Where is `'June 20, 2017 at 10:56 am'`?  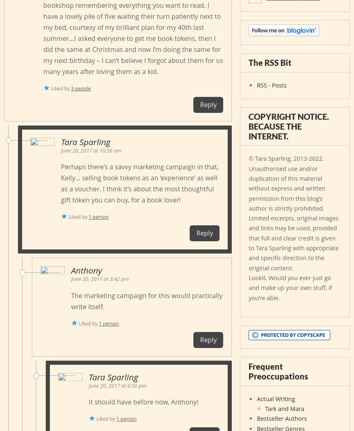
'June 20, 2017 at 10:56 am' is located at coordinates (90, 150).